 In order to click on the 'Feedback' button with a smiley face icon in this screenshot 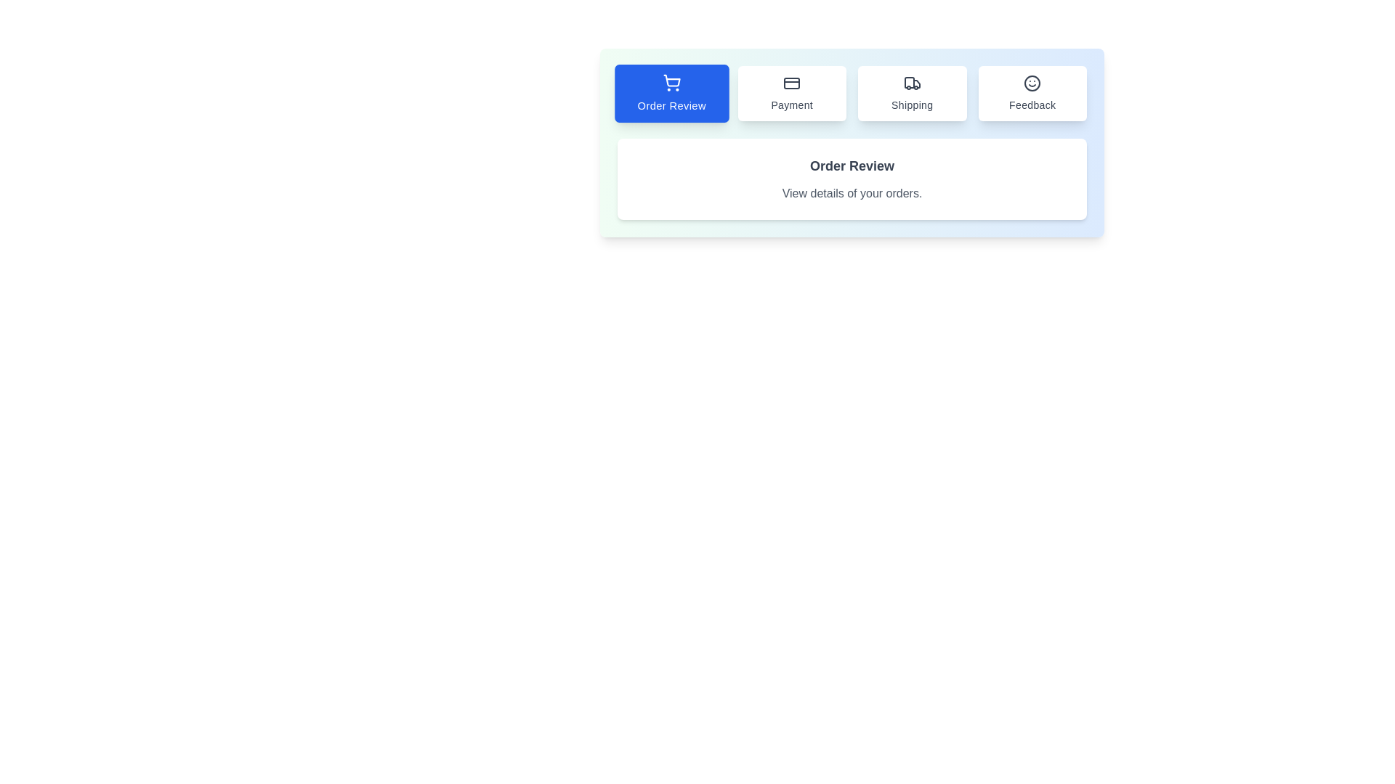, I will do `click(1032, 93)`.